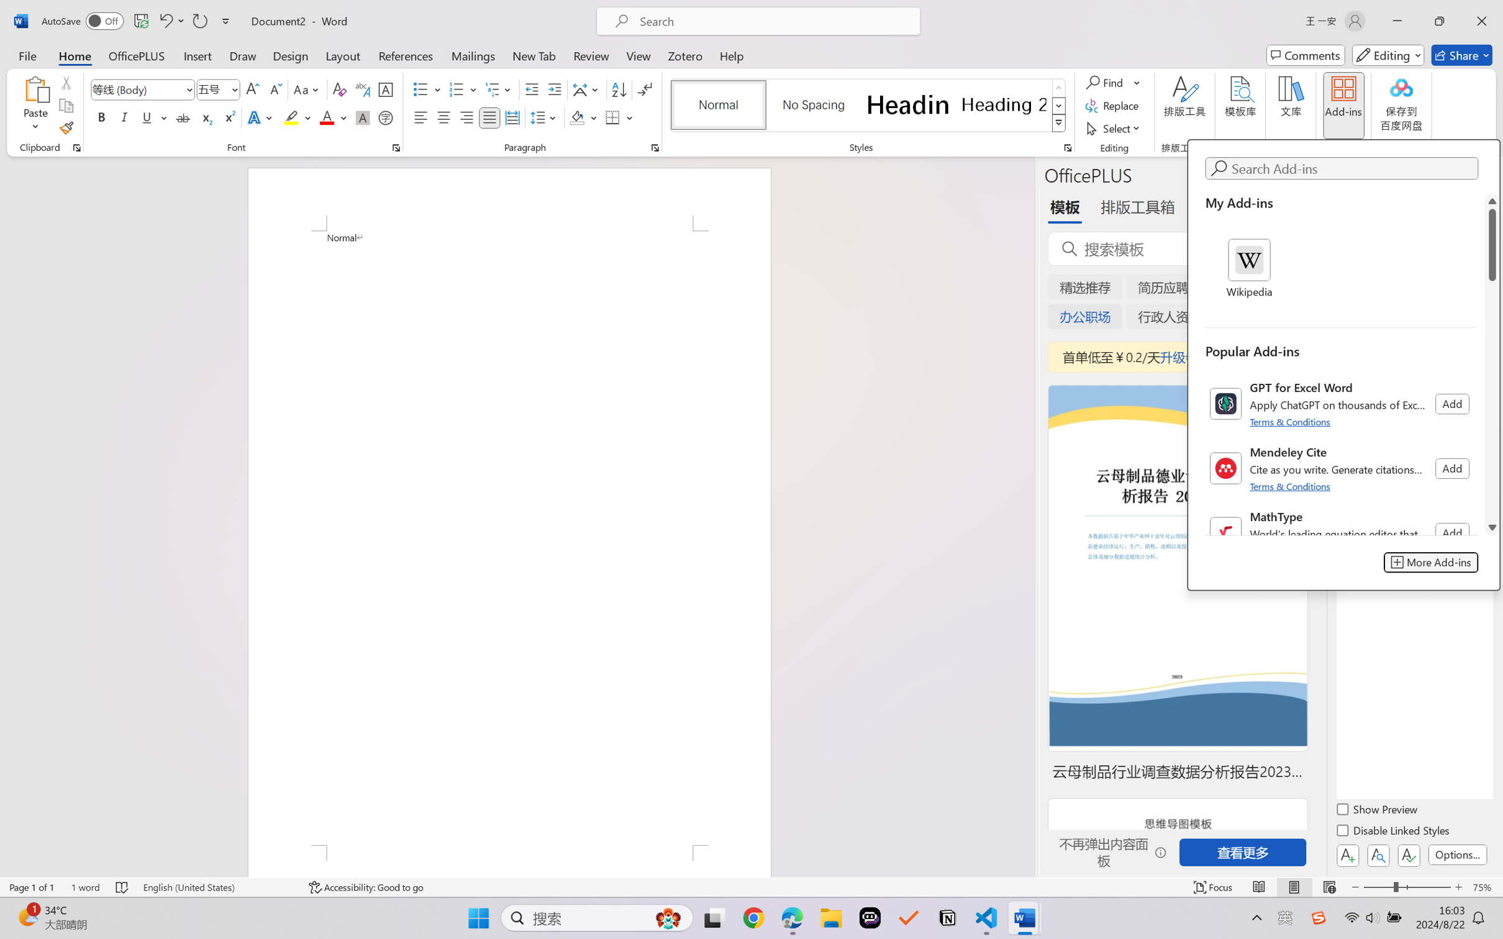 This screenshot has height=939, width=1503. Describe the element at coordinates (1213, 887) in the screenshot. I see `'Focus '` at that location.